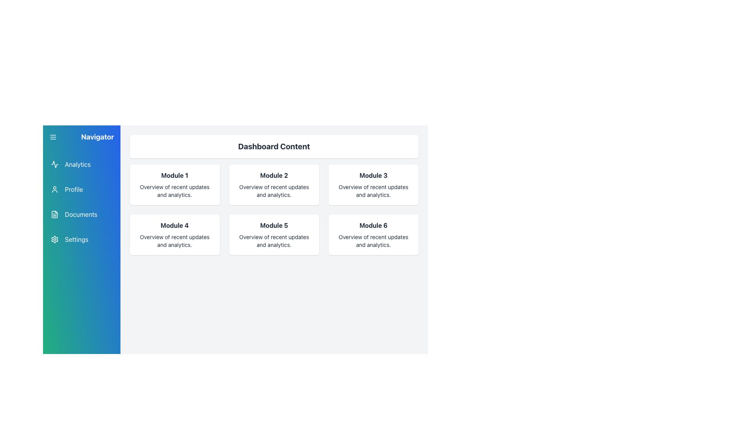 The width and height of the screenshot is (751, 422). What do you see at coordinates (274, 191) in the screenshot?
I see `the Text Label displaying 'Overview of recent updates and analytics.' located in 'Module 2' beneath its title` at bounding box center [274, 191].